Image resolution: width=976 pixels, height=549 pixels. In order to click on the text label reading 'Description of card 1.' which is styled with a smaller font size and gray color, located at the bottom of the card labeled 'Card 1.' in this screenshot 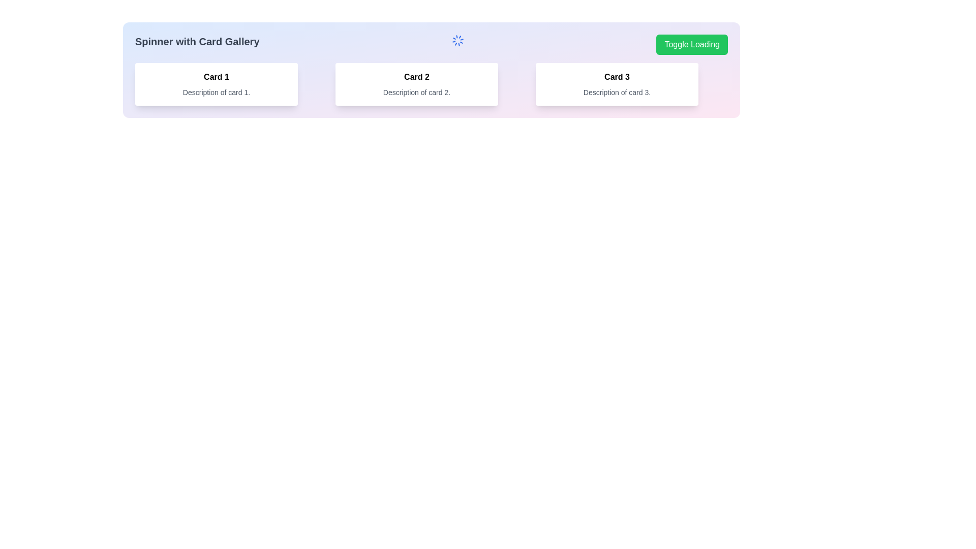, I will do `click(216, 92)`.